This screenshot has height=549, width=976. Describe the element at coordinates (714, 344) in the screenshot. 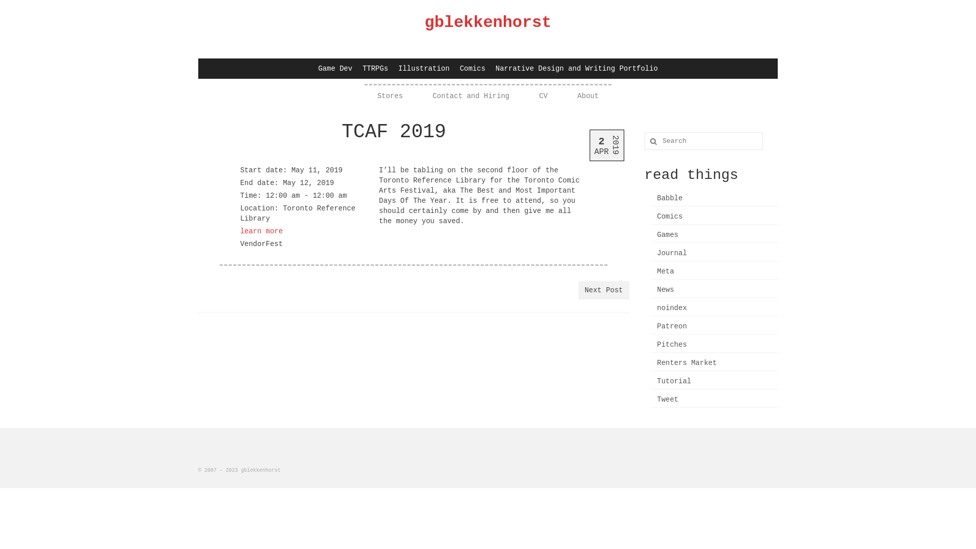

I see `'Pitches'` at that location.